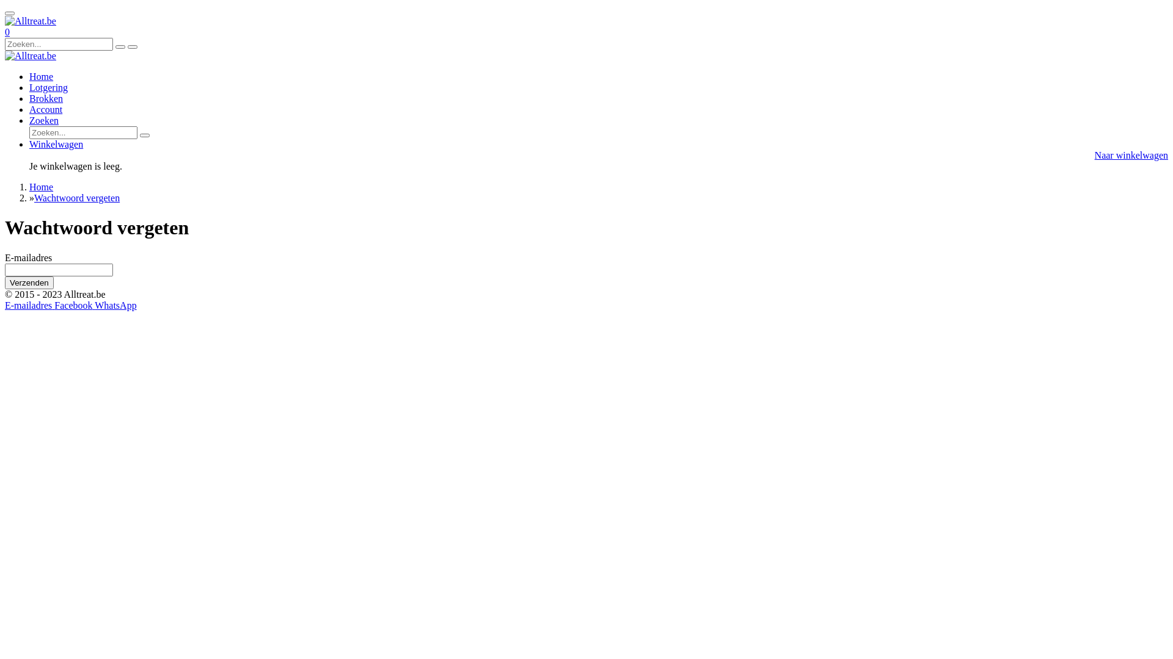 Image resolution: width=1173 pixels, height=659 pixels. What do you see at coordinates (5, 31) in the screenshot?
I see `'0'` at bounding box center [5, 31].